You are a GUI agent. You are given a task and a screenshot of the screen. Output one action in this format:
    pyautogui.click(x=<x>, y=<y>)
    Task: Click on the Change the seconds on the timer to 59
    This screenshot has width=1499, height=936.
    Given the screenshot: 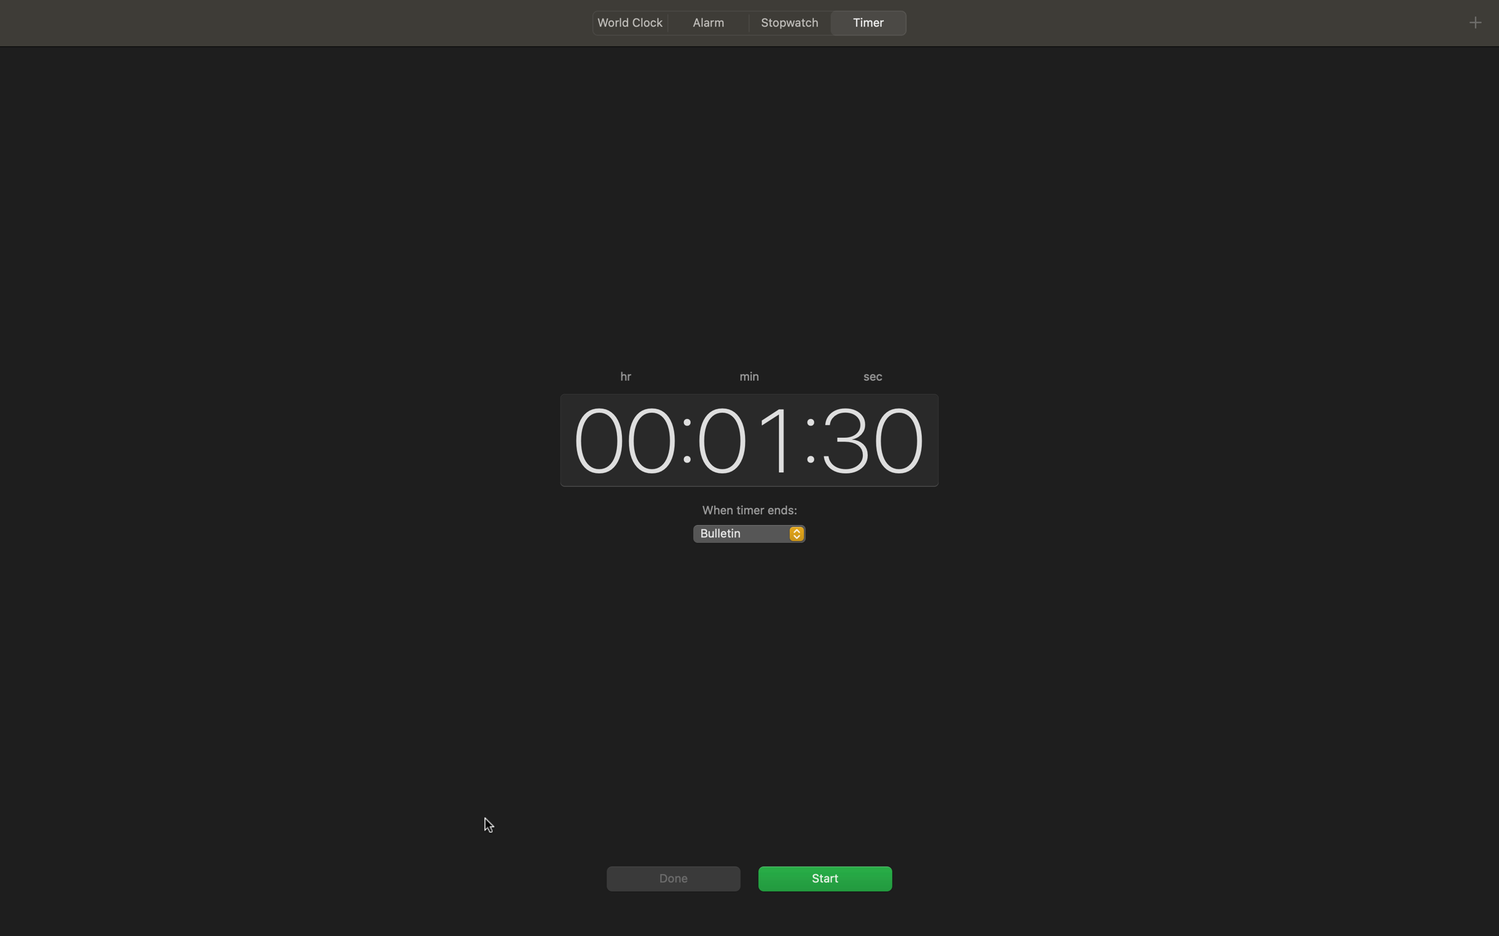 What is the action you would take?
    pyautogui.click(x=874, y=436)
    